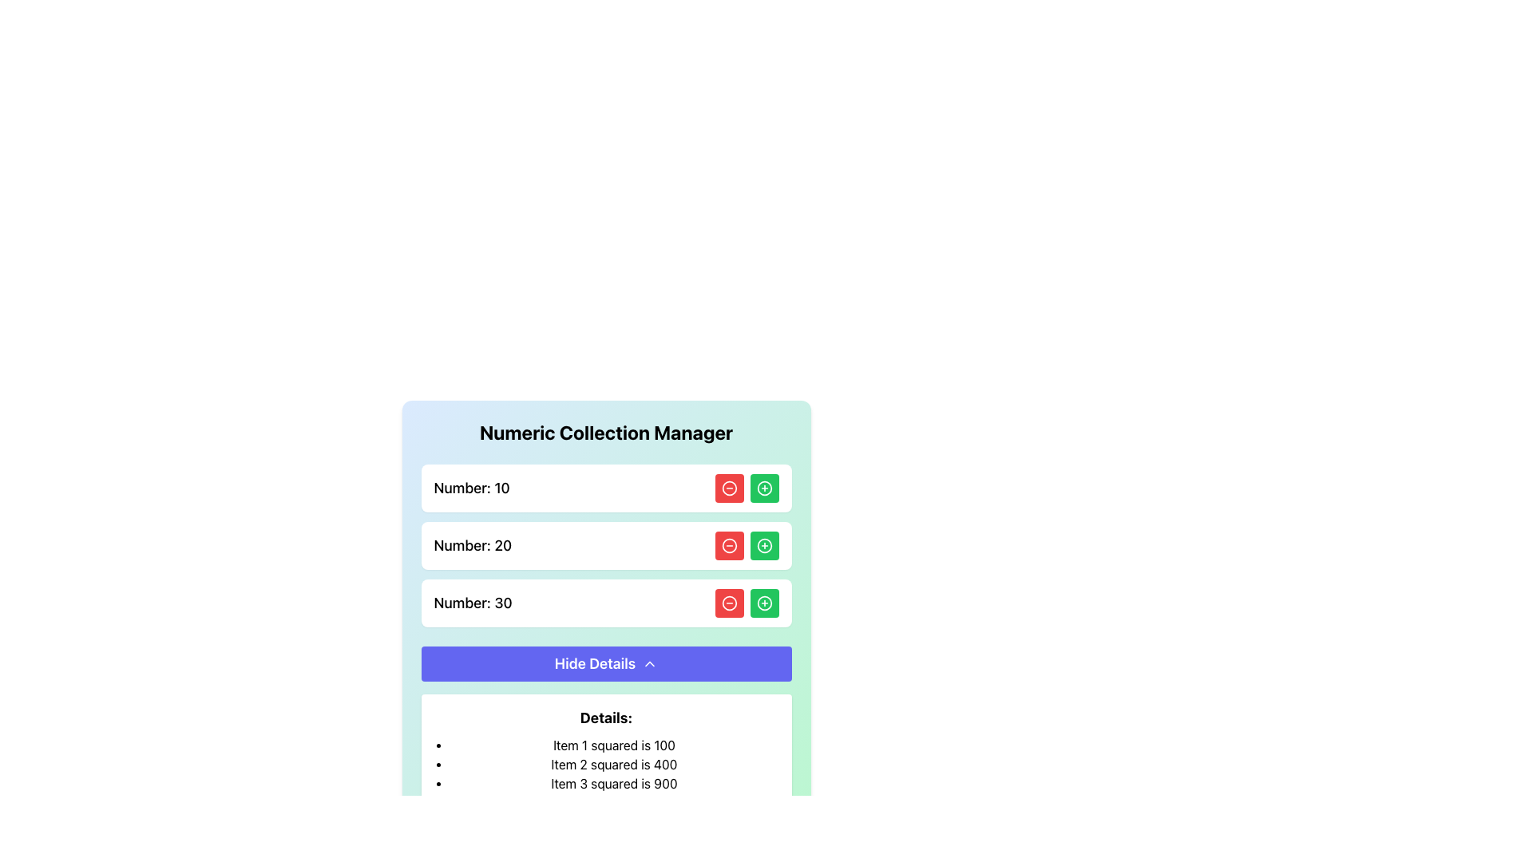 The height and width of the screenshot is (862, 1533). Describe the element at coordinates (650, 664) in the screenshot. I see `the chevron-up icon located to the right of the 'Hide Details' button` at that location.